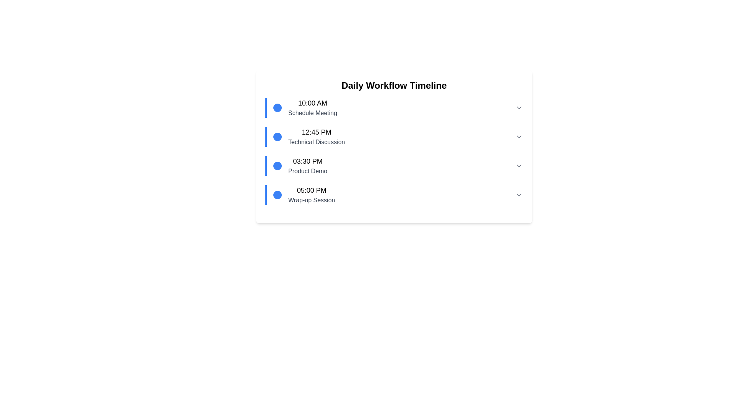 The height and width of the screenshot is (413, 734). Describe the element at coordinates (398, 194) in the screenshot. I see `the List item in the timeline view indicating the scheduled event for 'Wrap-up Session' at '05:00 PM', which is the fourth entry in the vertical layout` at that location.